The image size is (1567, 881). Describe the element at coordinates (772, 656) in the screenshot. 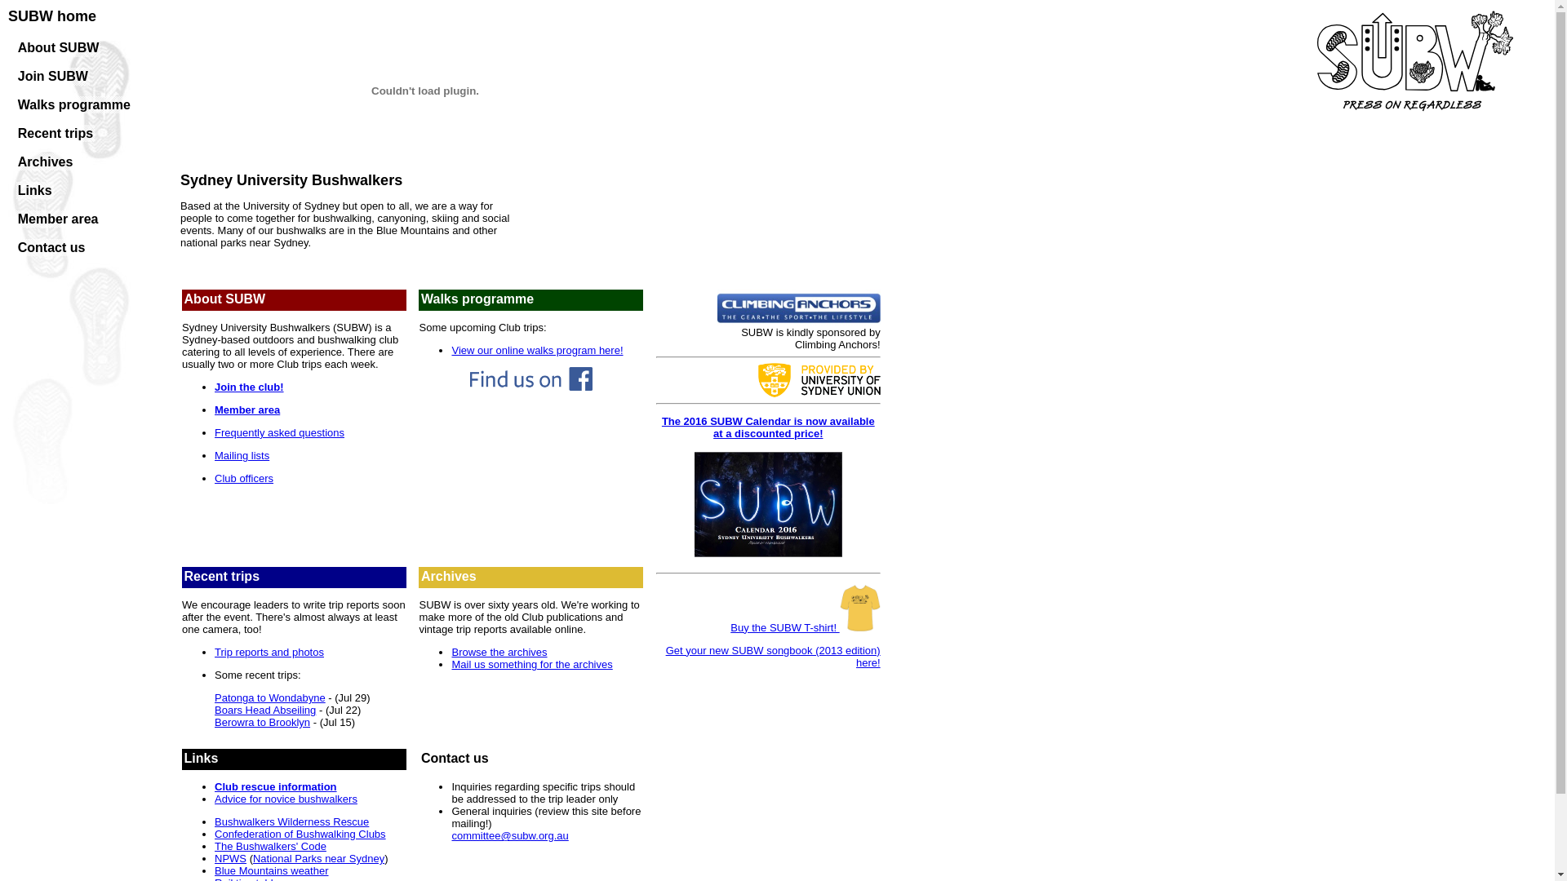

I see `'Get your new SUBW songbook (2013 edition) here!'` at that location.